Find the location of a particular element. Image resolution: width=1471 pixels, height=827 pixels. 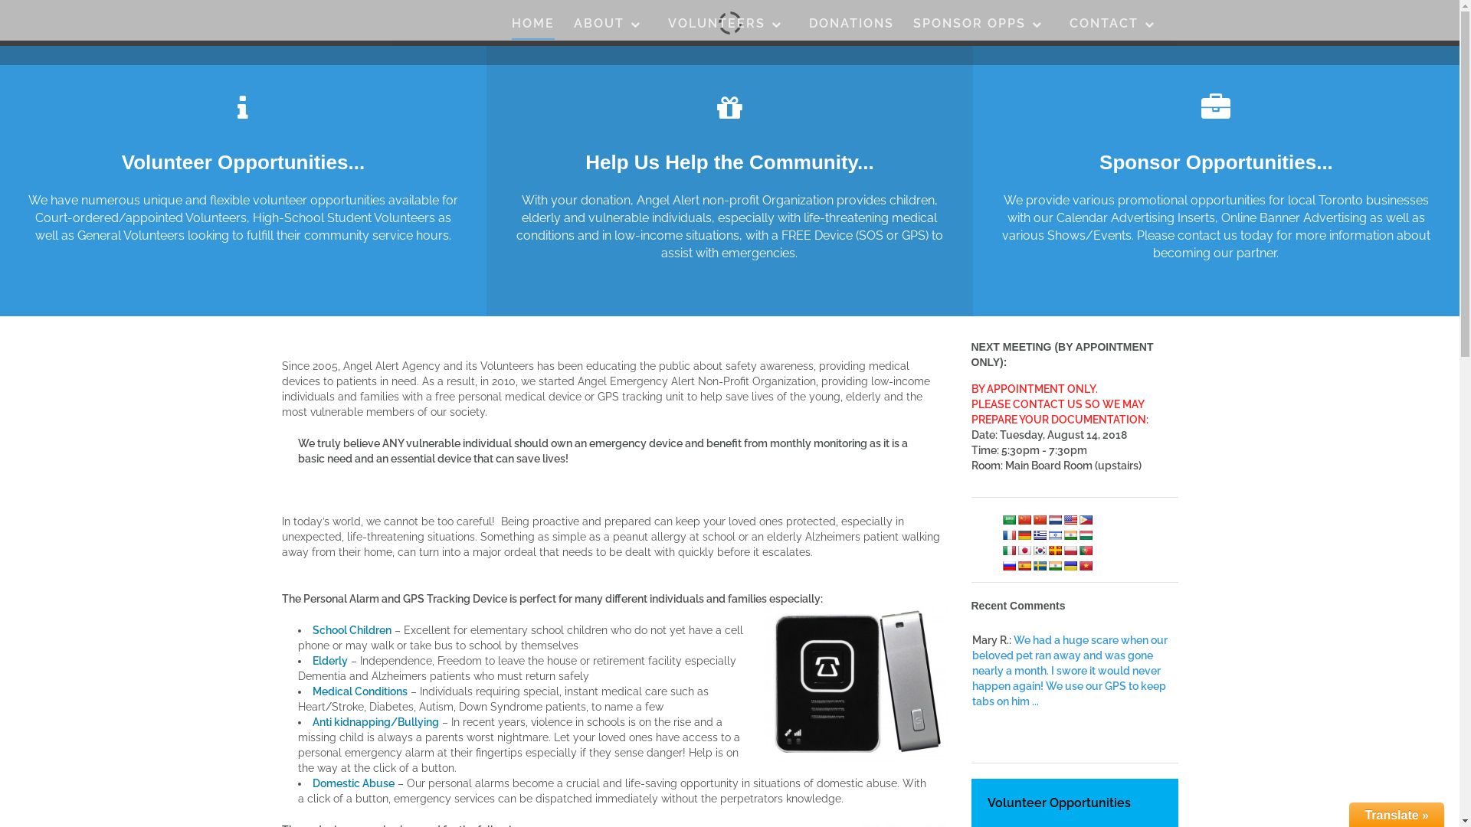

'Tamil' is located at coordinates (1054, 564).